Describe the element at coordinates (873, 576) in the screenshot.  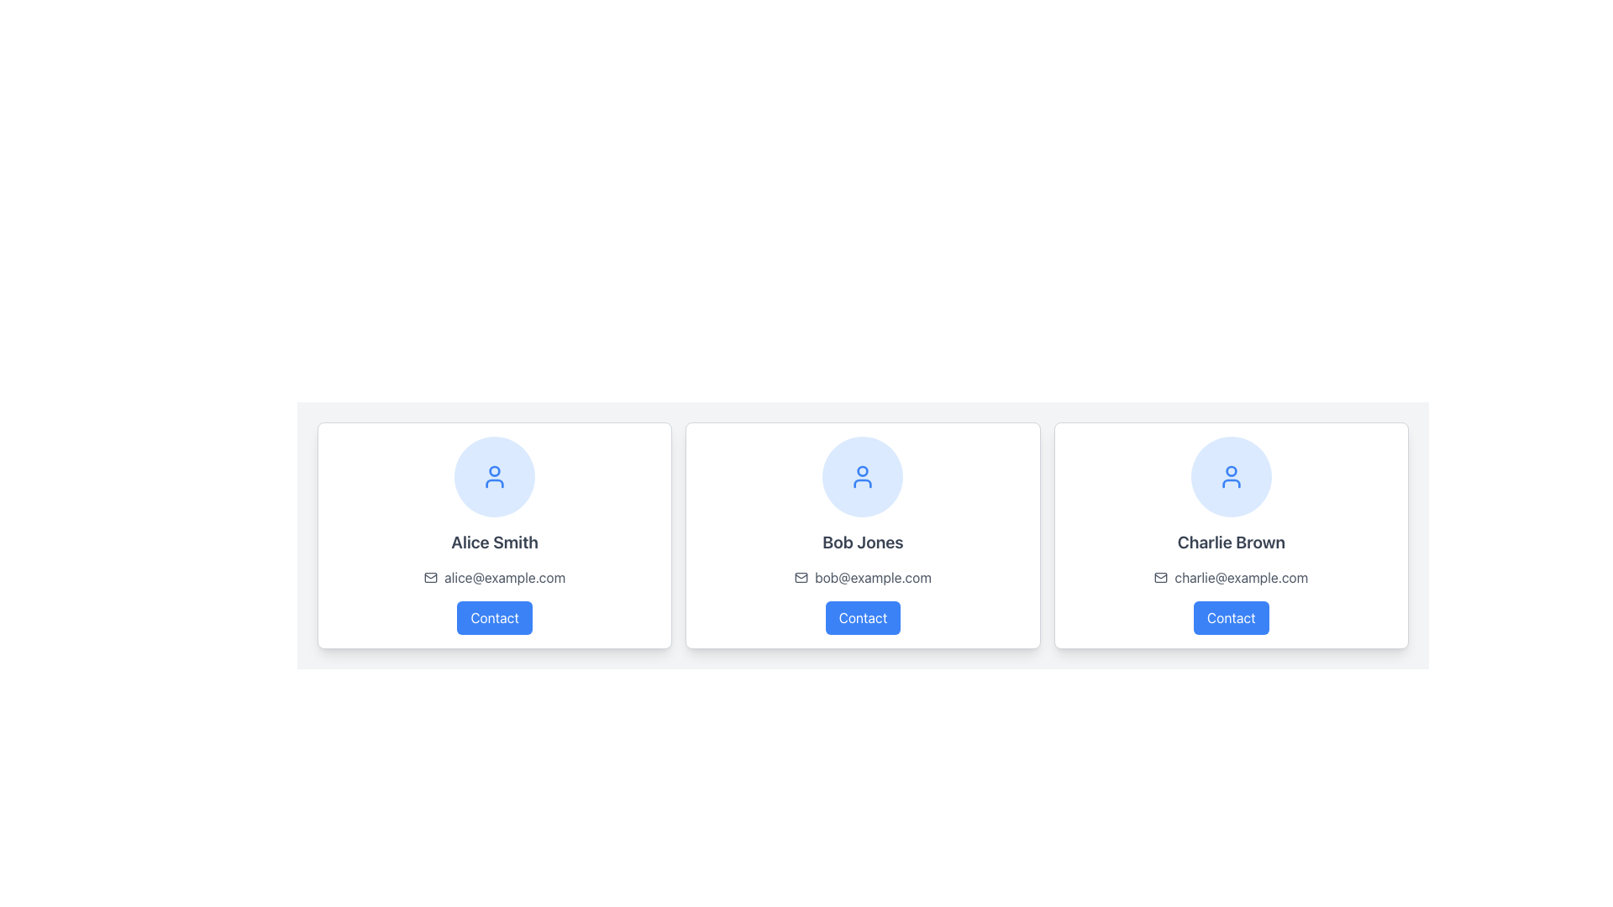
I see `the email address text element that displays the user's contact information, located below the name text and` at that location.